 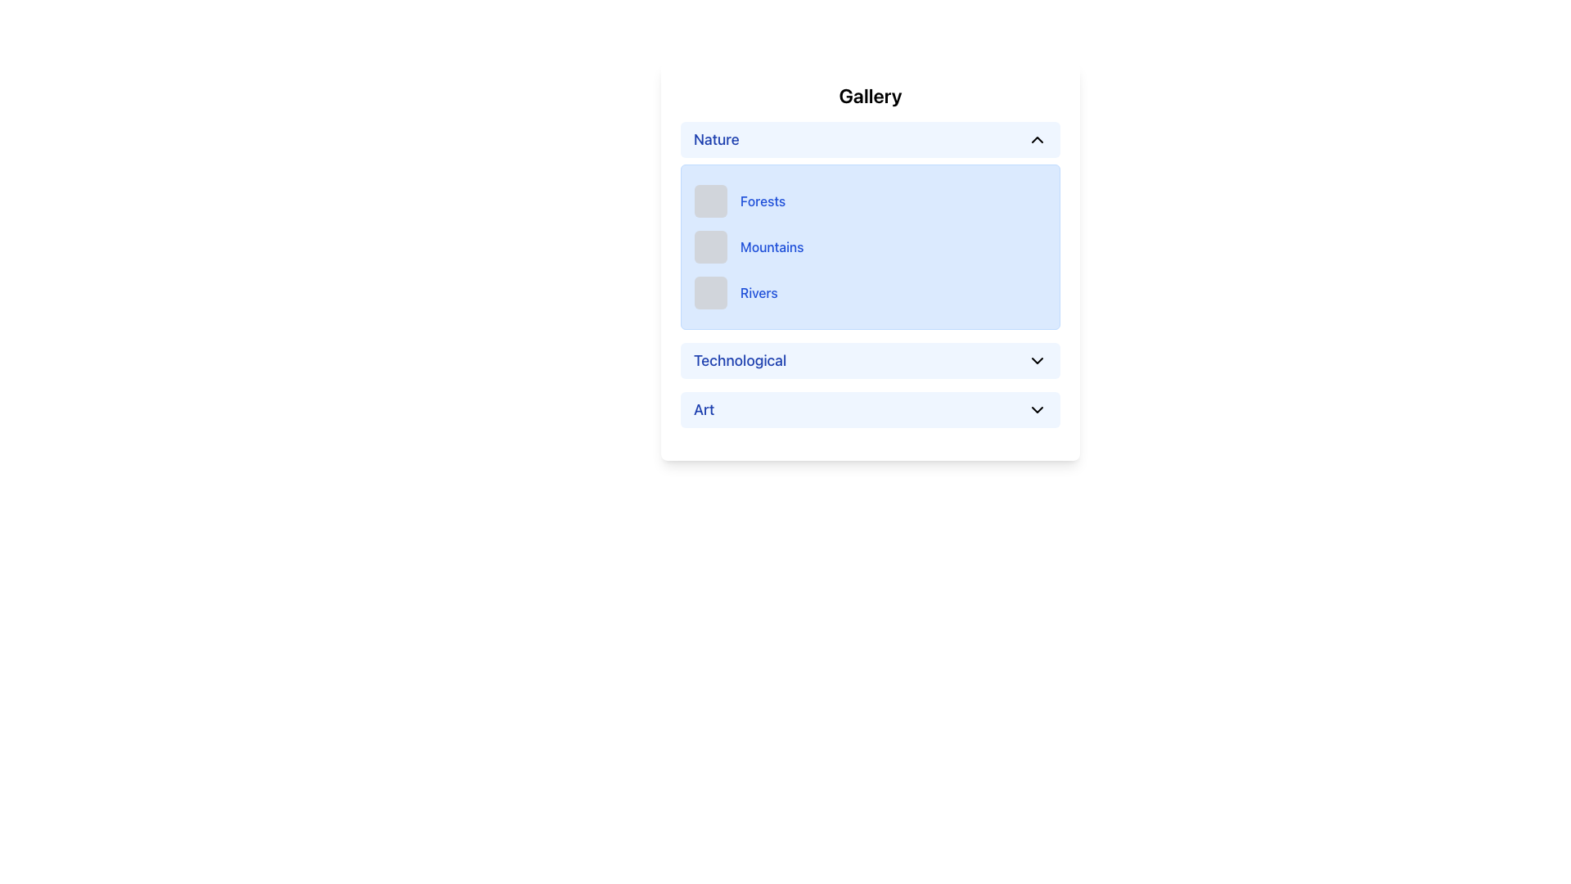 I want to click on the 'Art' dropdown menu toggle, so click(x=870, y=409).